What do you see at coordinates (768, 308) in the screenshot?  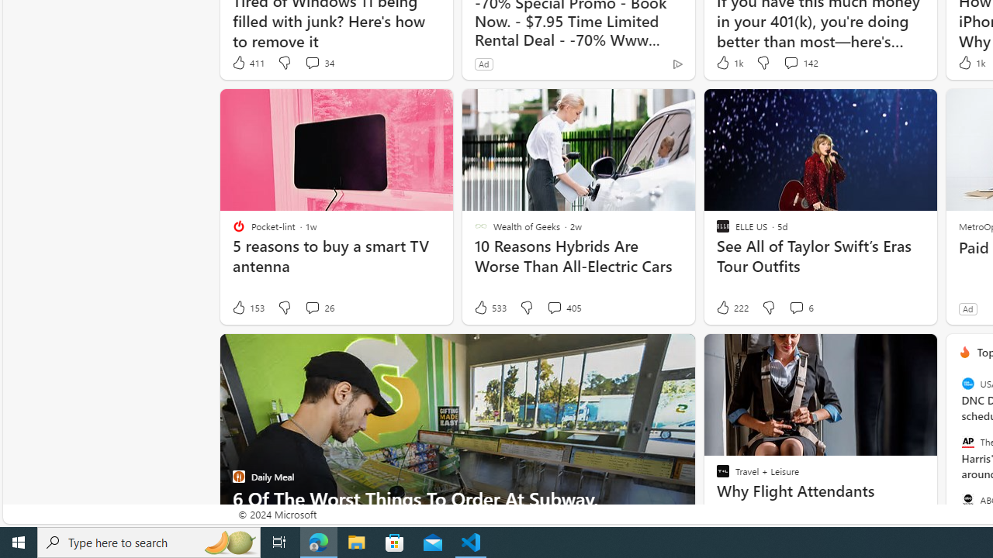 I see `'Dislike'` at bounding box center [768, 308].